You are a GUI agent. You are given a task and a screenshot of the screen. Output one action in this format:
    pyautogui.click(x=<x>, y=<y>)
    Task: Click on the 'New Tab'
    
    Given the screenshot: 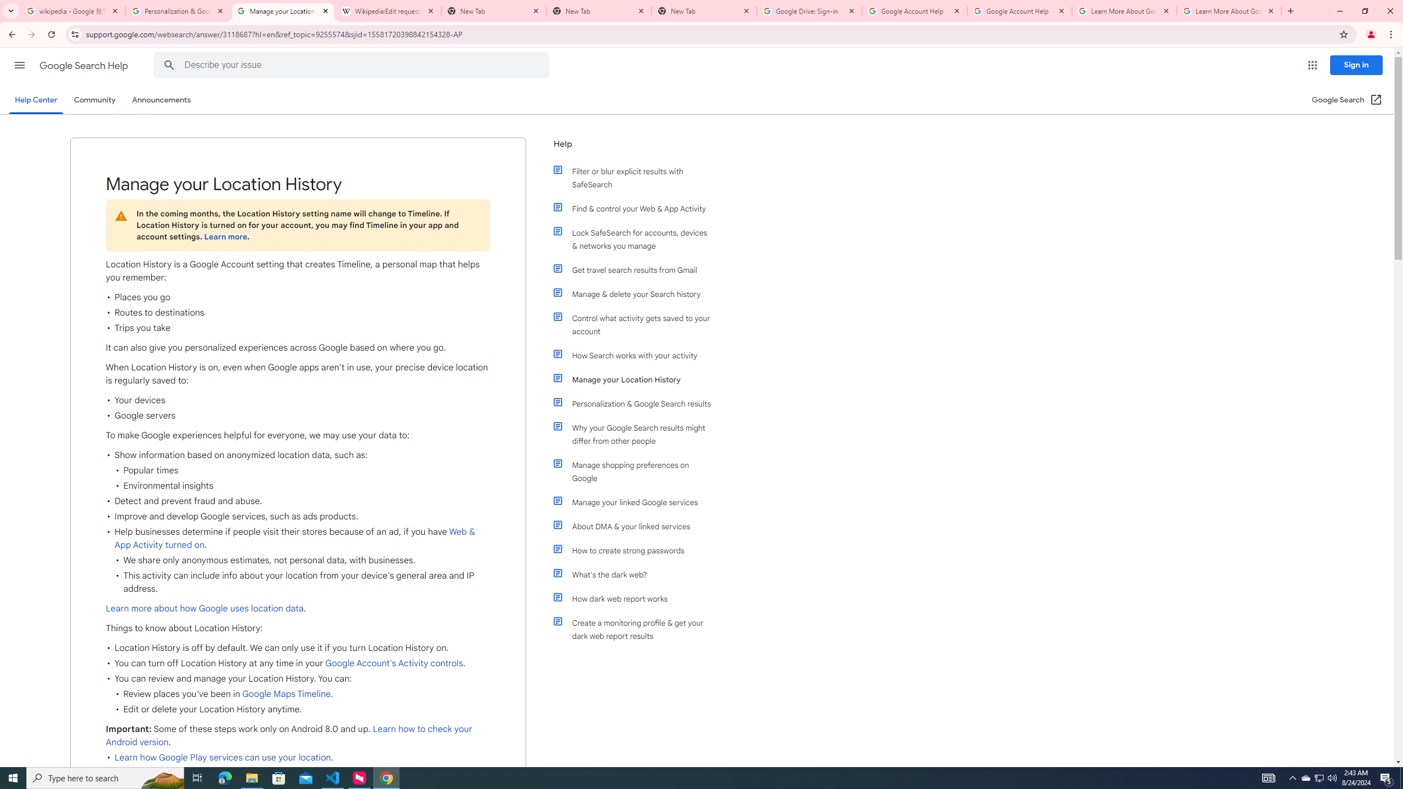 What is the action you would take?
    pyautogui.click(x=598, y=10)
    